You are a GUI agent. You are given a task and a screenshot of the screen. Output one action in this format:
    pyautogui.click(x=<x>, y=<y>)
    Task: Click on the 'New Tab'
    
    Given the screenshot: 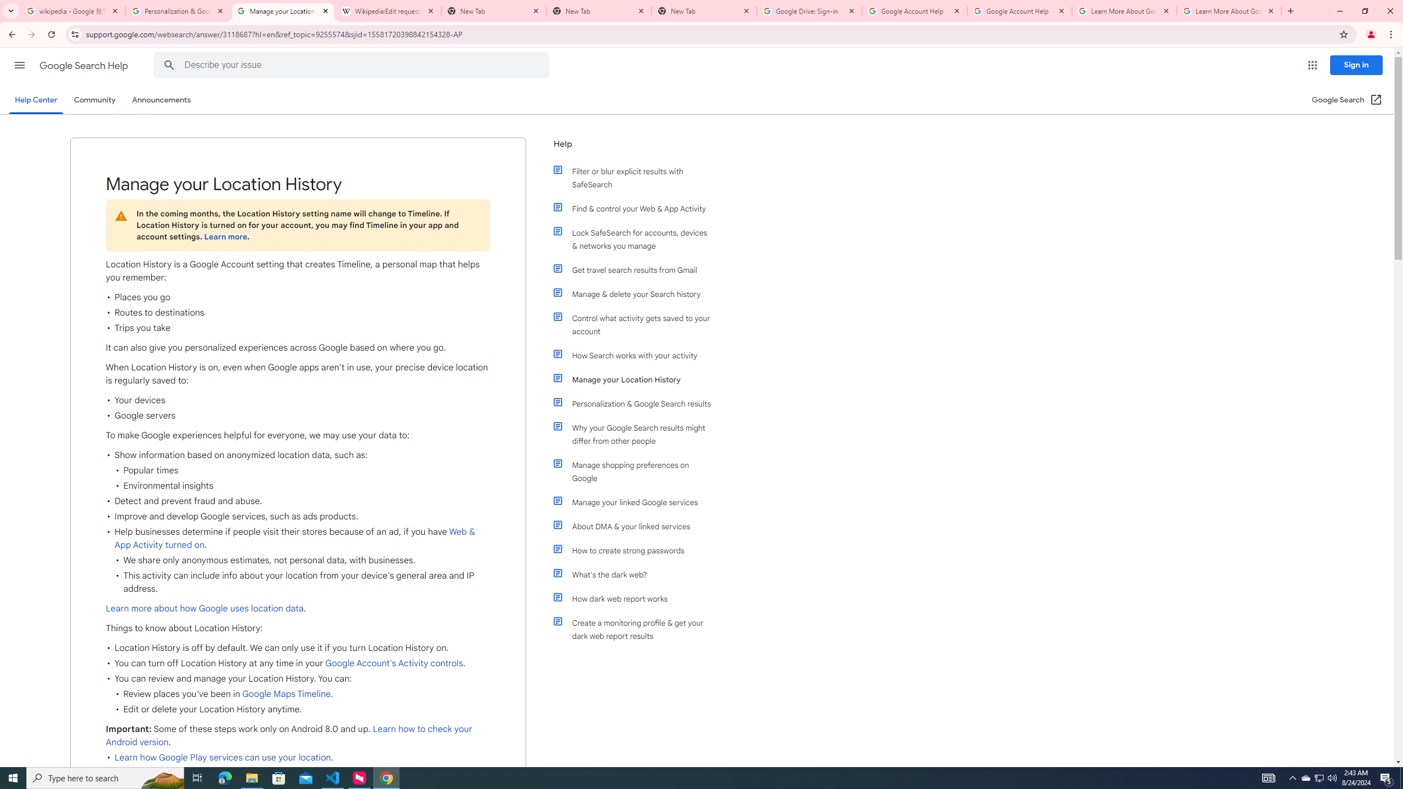 What is the action you would take?
    pyautogui.click(x=598, y=10)
    